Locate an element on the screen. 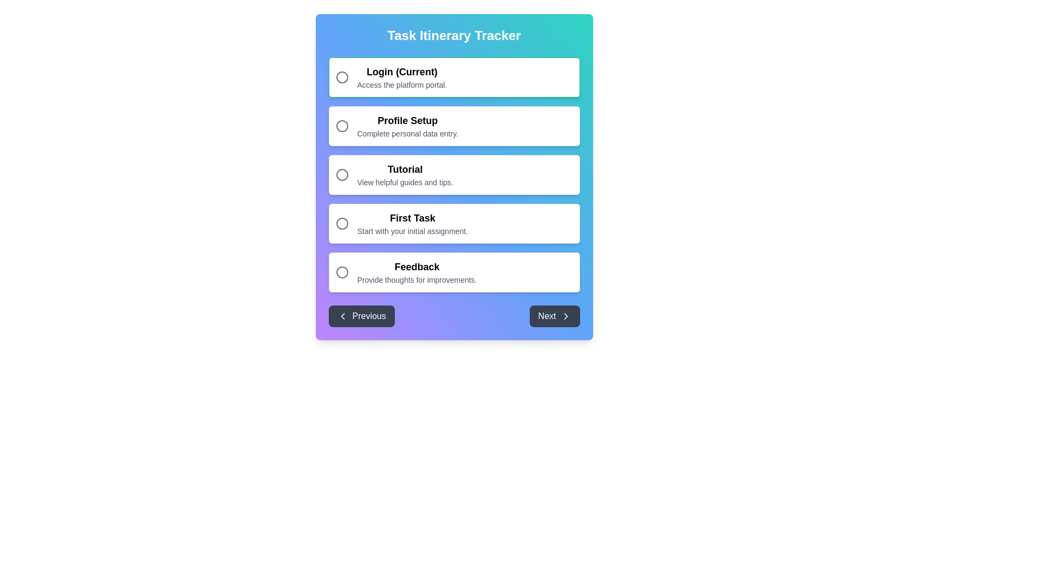 Image resolution: width=1040 pixels, height=585 pixels. the third informational card in the 'Task Itinerary Tracker' section, which features a bold title 'Tutorial' and a smaller description 'View helpful guides and tips.' is located at coordinates (454, 174).